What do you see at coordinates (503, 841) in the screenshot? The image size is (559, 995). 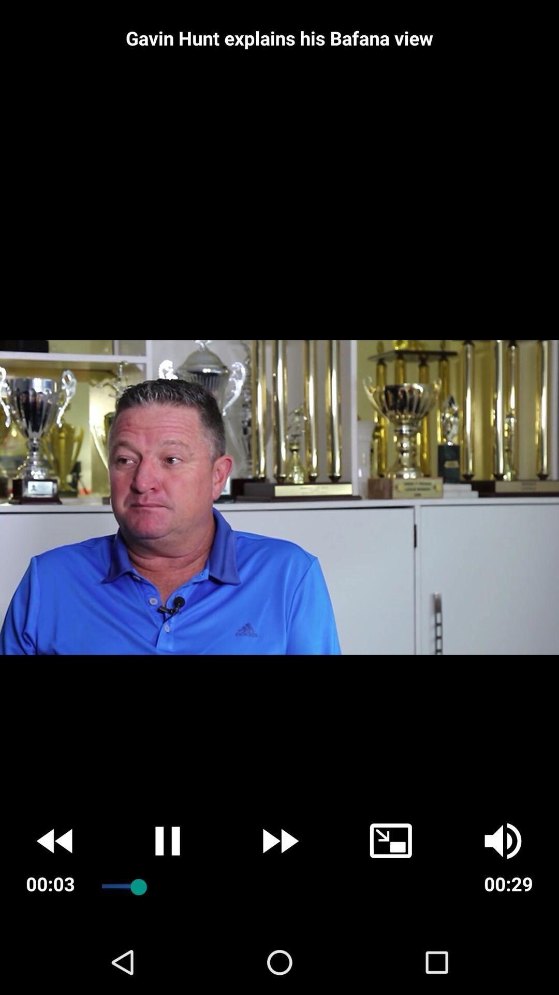 I see `the volume icon` at bounding box center [503, 841].